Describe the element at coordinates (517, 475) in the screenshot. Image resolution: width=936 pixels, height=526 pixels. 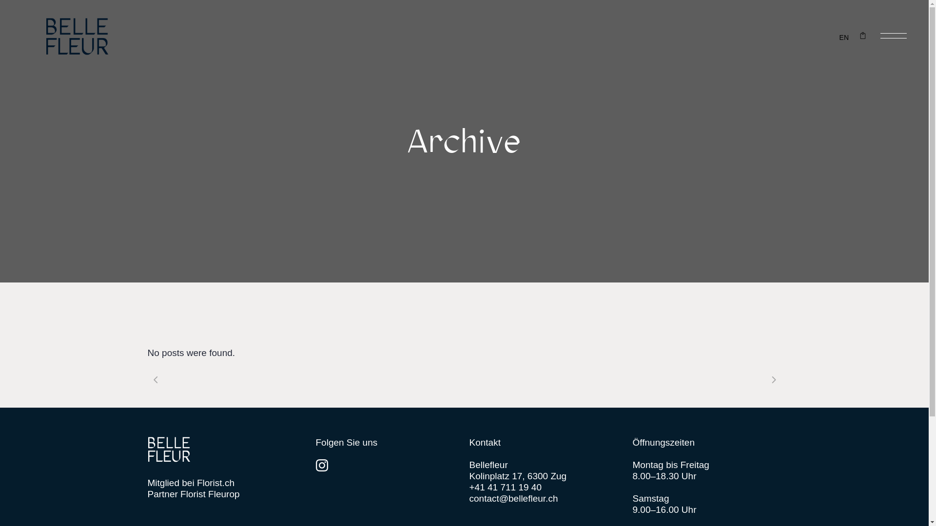
I see `'Kolinplatz 17, 6300 Zug'` at that location.